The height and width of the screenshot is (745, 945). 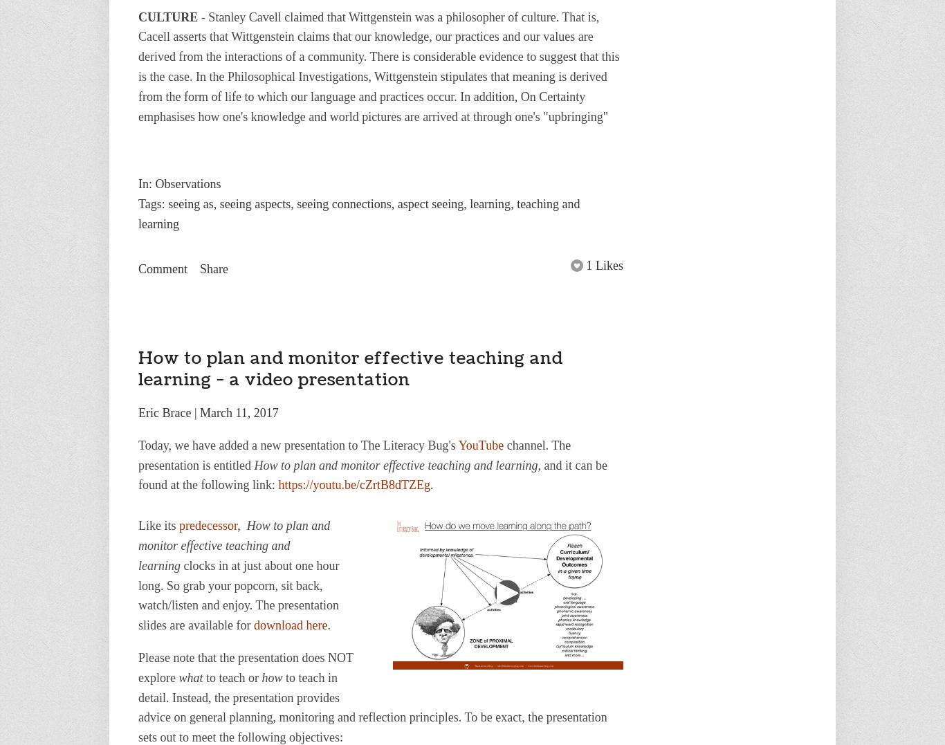 What do you see at coordinates (372, 706) in the screenshot?
I see `'to teach in detail. Instead, the presentation provides advice on general planning, monitoring and reflection principles. To be exact, the presentation sets out to meet the following objectives:'` at bounding box center [372, 706].